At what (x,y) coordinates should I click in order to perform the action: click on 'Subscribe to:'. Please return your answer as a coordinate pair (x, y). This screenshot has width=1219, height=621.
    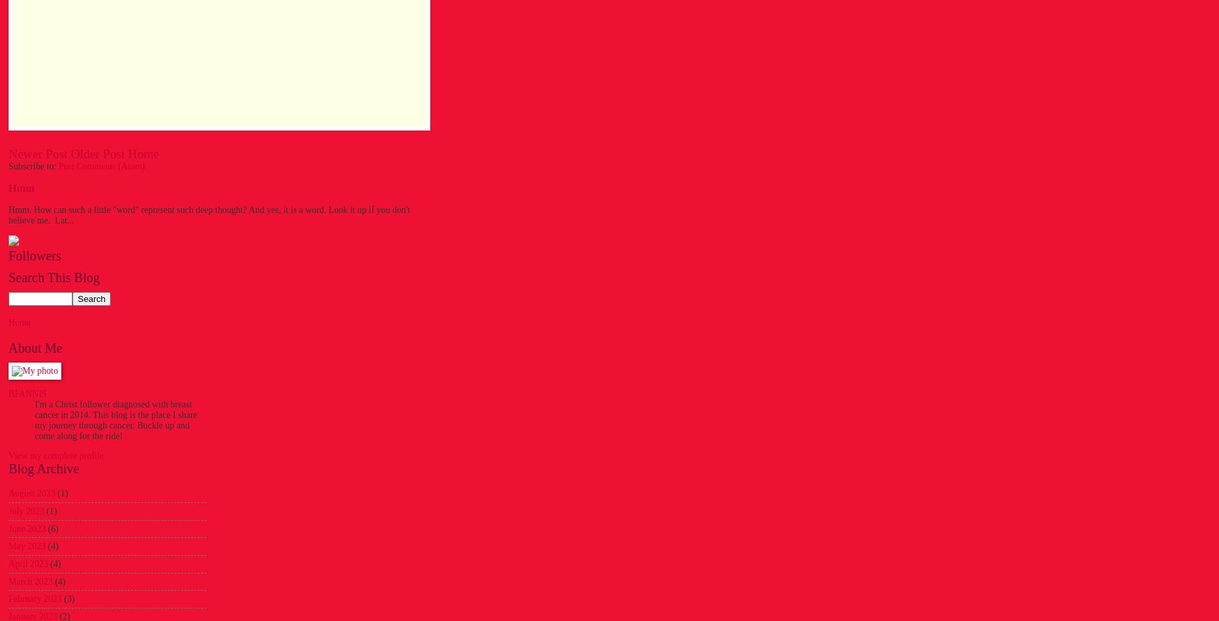
    Looking at the image, I should click on (32, 165).